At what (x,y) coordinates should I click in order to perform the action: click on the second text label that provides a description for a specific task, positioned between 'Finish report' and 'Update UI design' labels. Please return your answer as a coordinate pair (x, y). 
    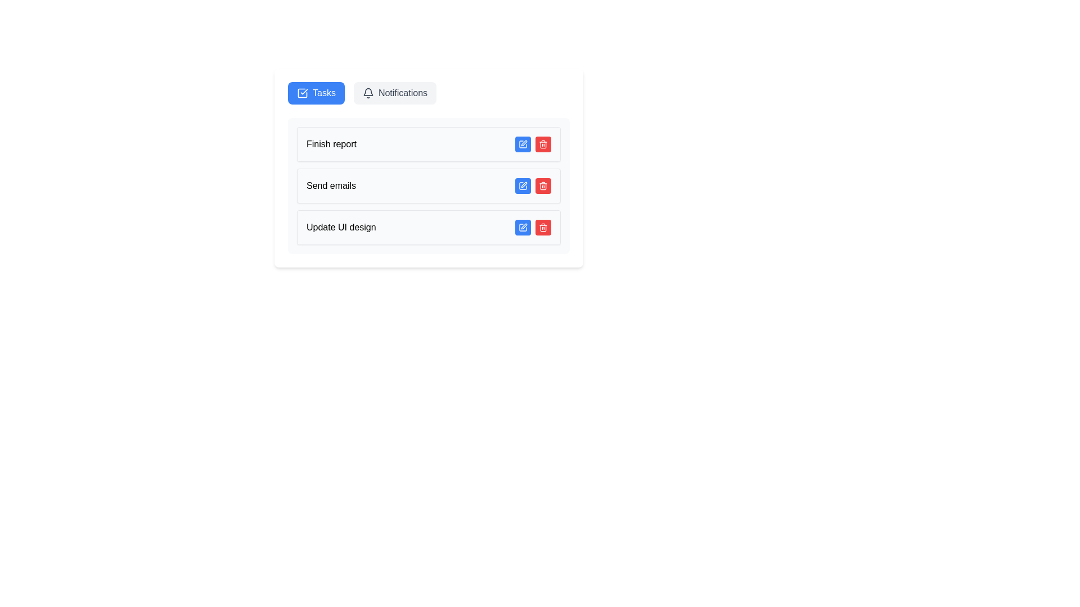
    Looking at the image, I should click on (331, 185).